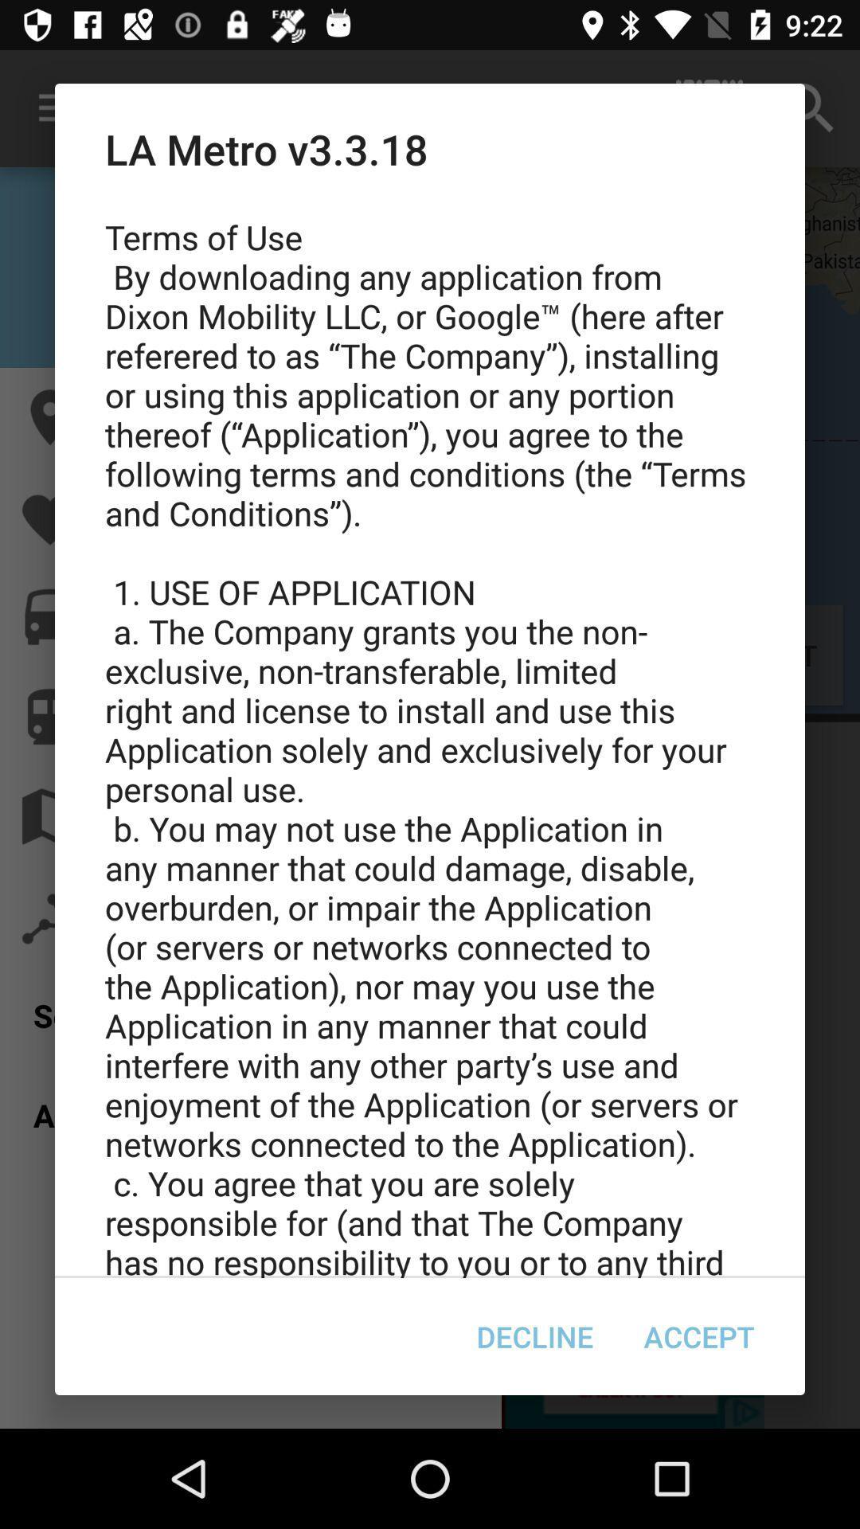  Describe the element at coordinates (534, 1336) in the screenshot. I see `item next to accept` at that location.